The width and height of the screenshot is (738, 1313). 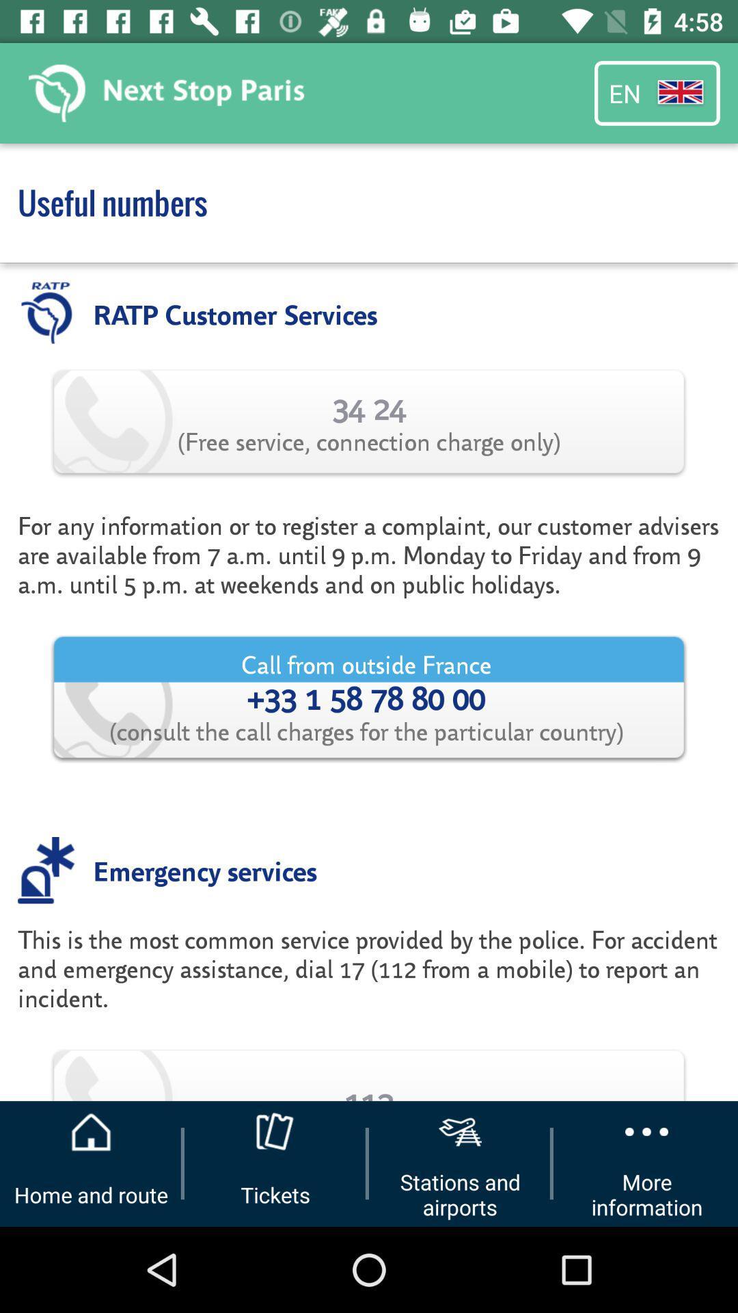 I want to click on the item above the 34 24 free app, so click(x=234, y=313).